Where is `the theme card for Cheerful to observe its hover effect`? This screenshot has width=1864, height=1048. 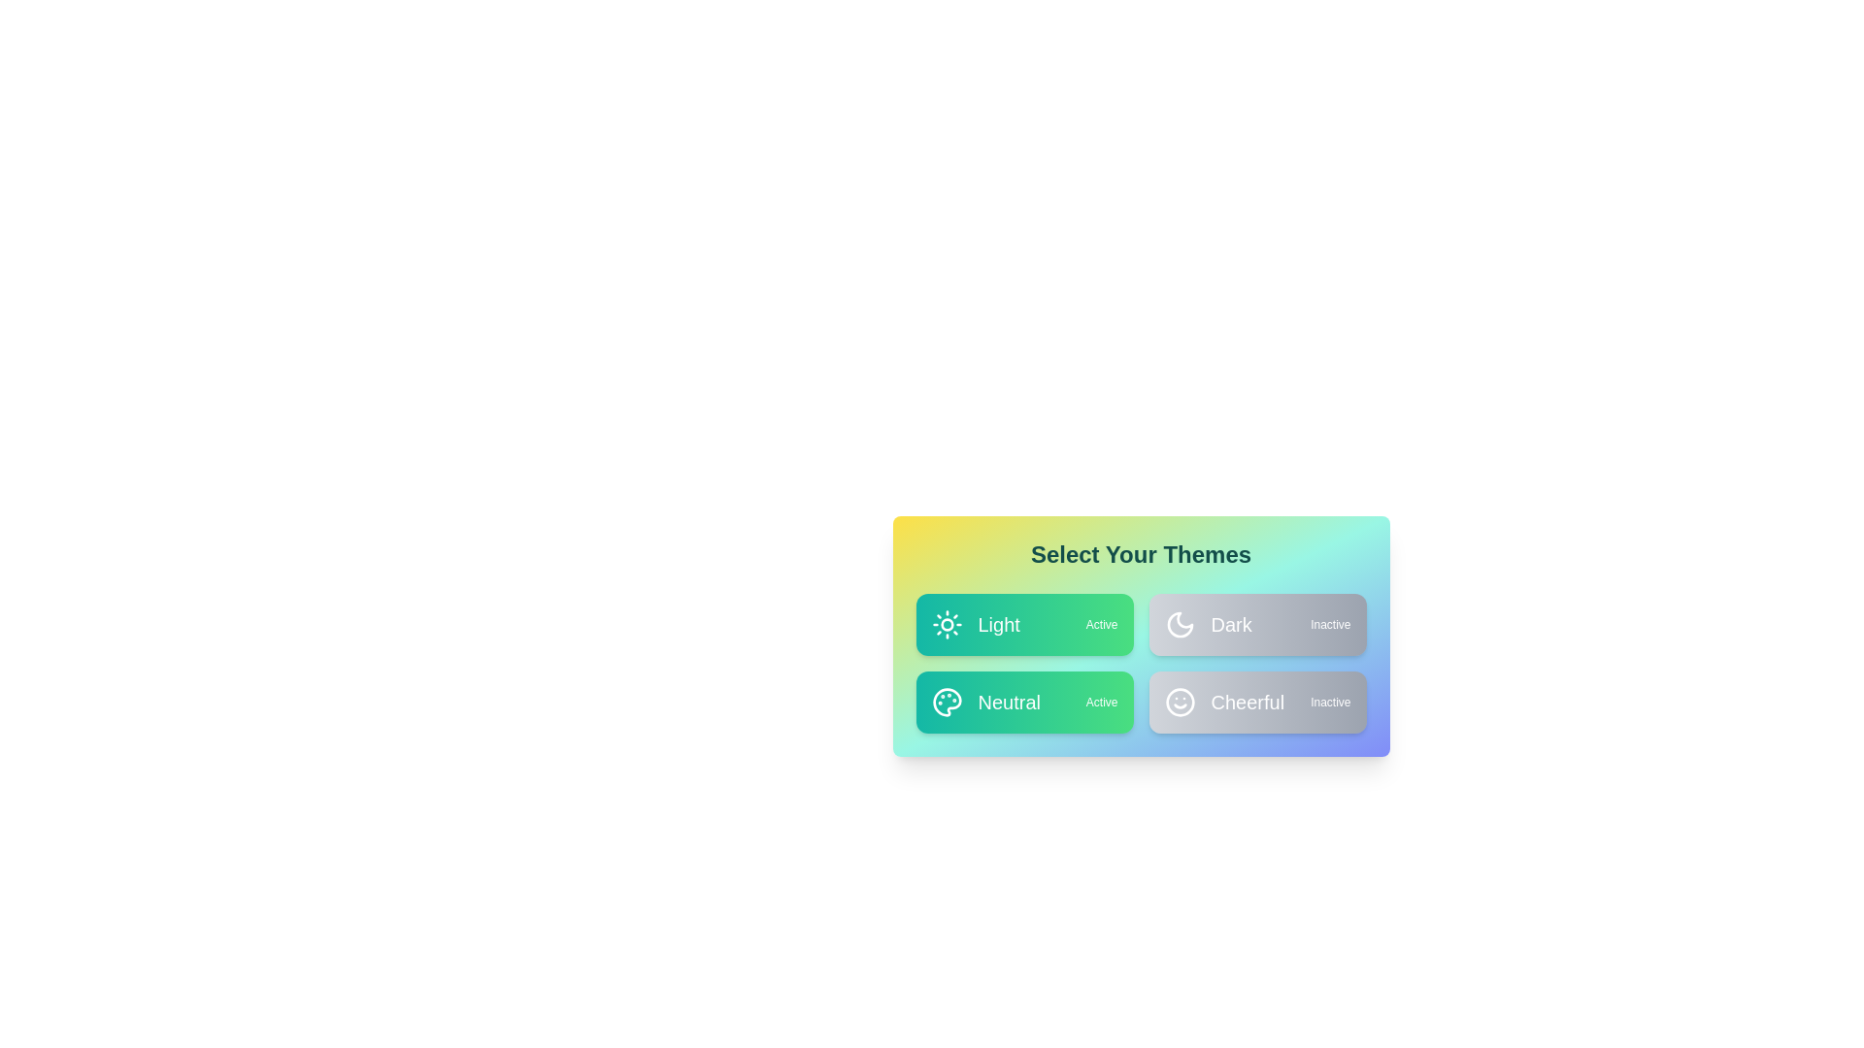
the theme card for Cheerful to observe its hover effect is located at coordinates (1257, 703).